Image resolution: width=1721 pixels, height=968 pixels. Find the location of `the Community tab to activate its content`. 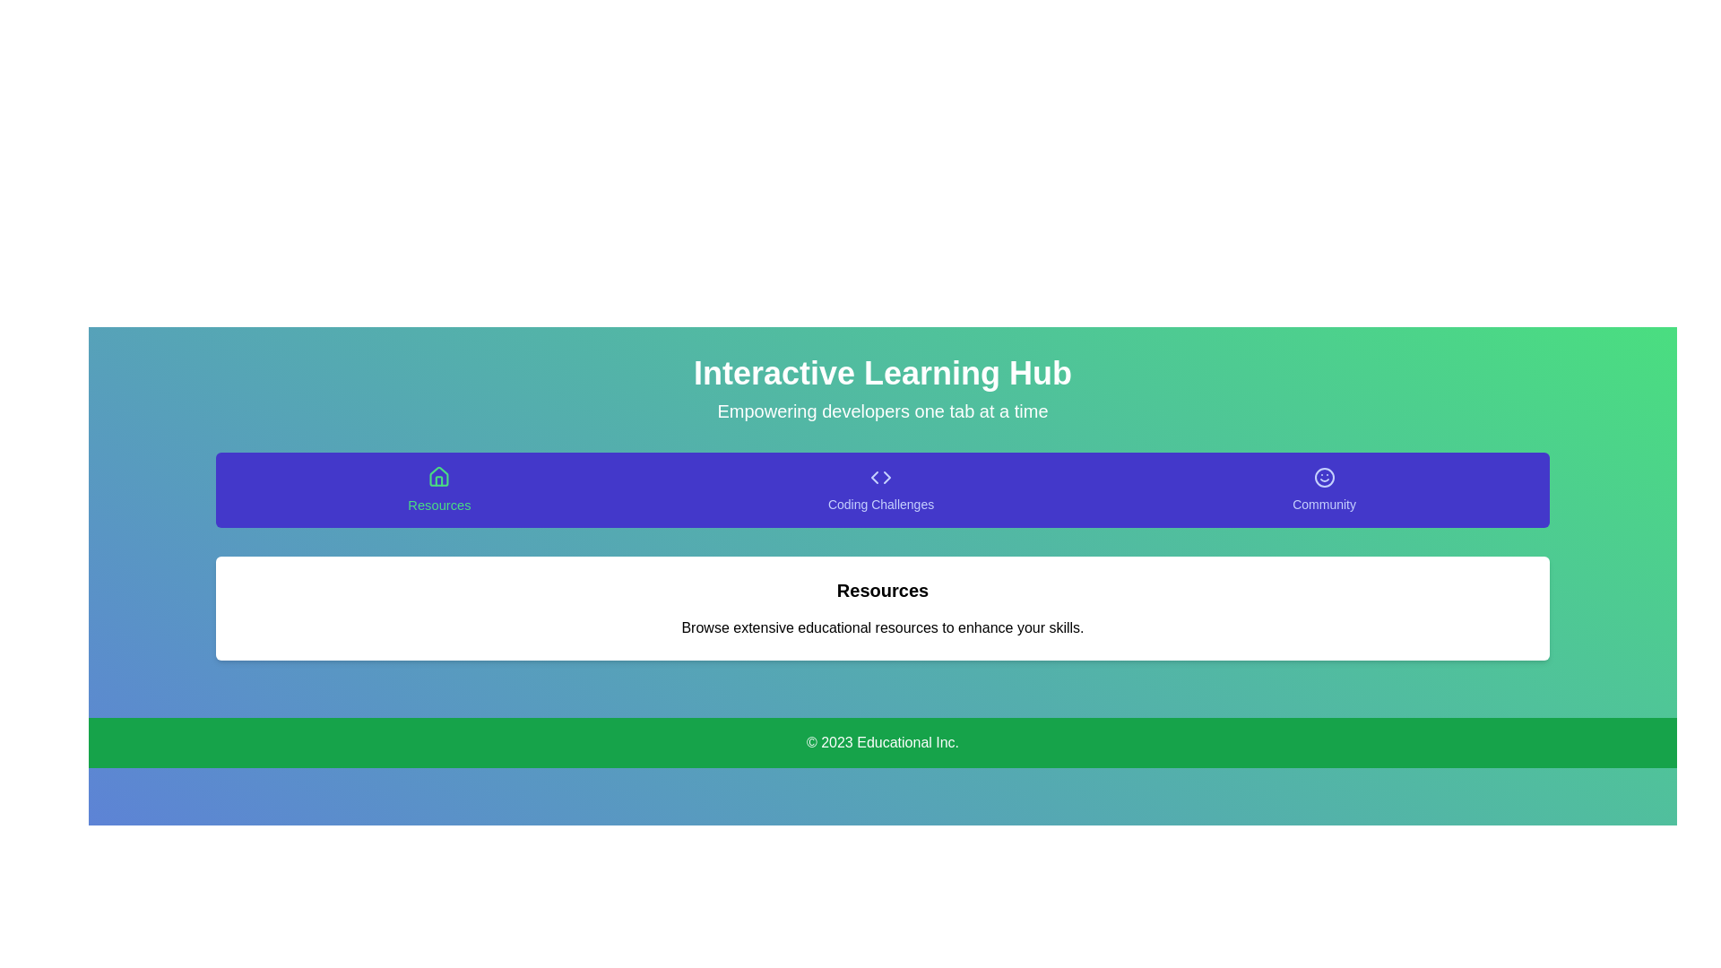

the Community tab to activate its content is located at coordinates (1324, 490).